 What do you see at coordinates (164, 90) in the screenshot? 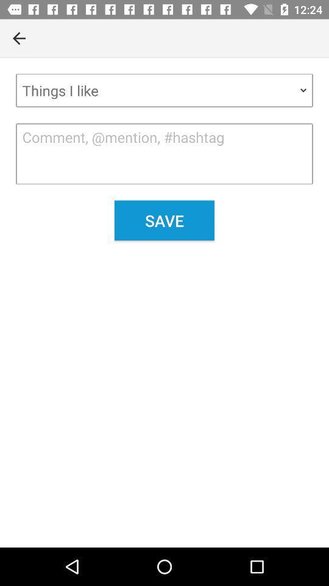
I see `things i like item` at bounding box center [164, 90].